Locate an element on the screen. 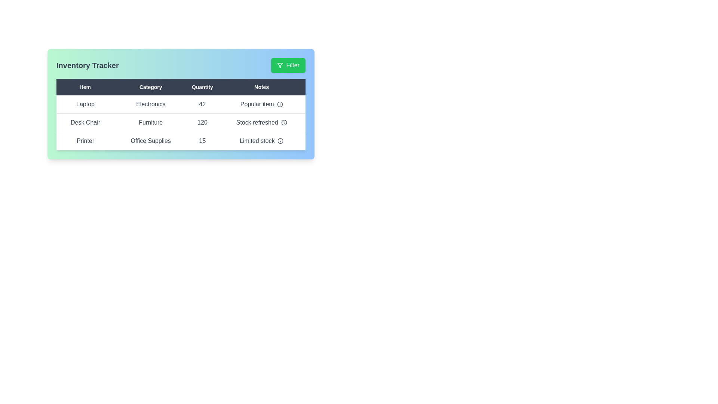 This screenshot has width=718, height=404. the column header Notes to sort the table by that column is located at coordinates (261, 86).